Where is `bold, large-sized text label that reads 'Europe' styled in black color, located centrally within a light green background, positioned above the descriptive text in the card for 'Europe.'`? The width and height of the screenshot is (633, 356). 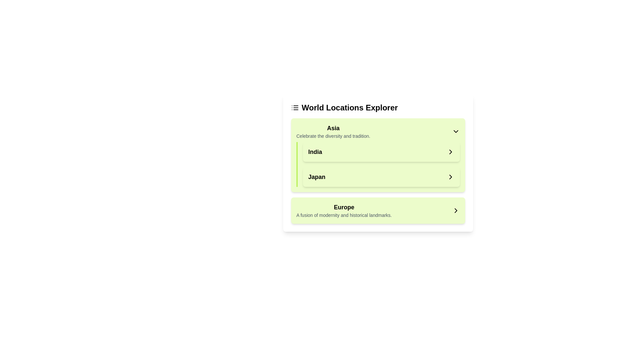 bold, large-sized text label that reads 'Europe' styled in black color, located centrally within a light green background, positioned above the descriptive text in the card for 'Europe.' is located at coordinates (344, 207).